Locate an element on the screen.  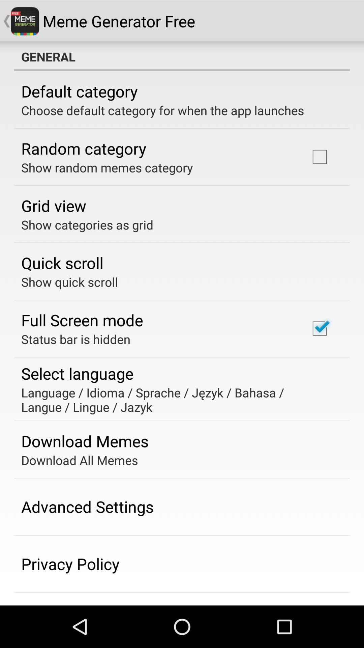
the item below the show quick scroll app is located at coordinates (82, 320).